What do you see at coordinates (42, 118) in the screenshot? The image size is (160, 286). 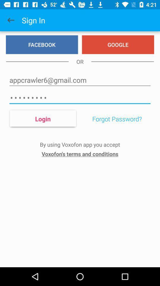 I see `the icon on the left` at bounding box center [42, 118].